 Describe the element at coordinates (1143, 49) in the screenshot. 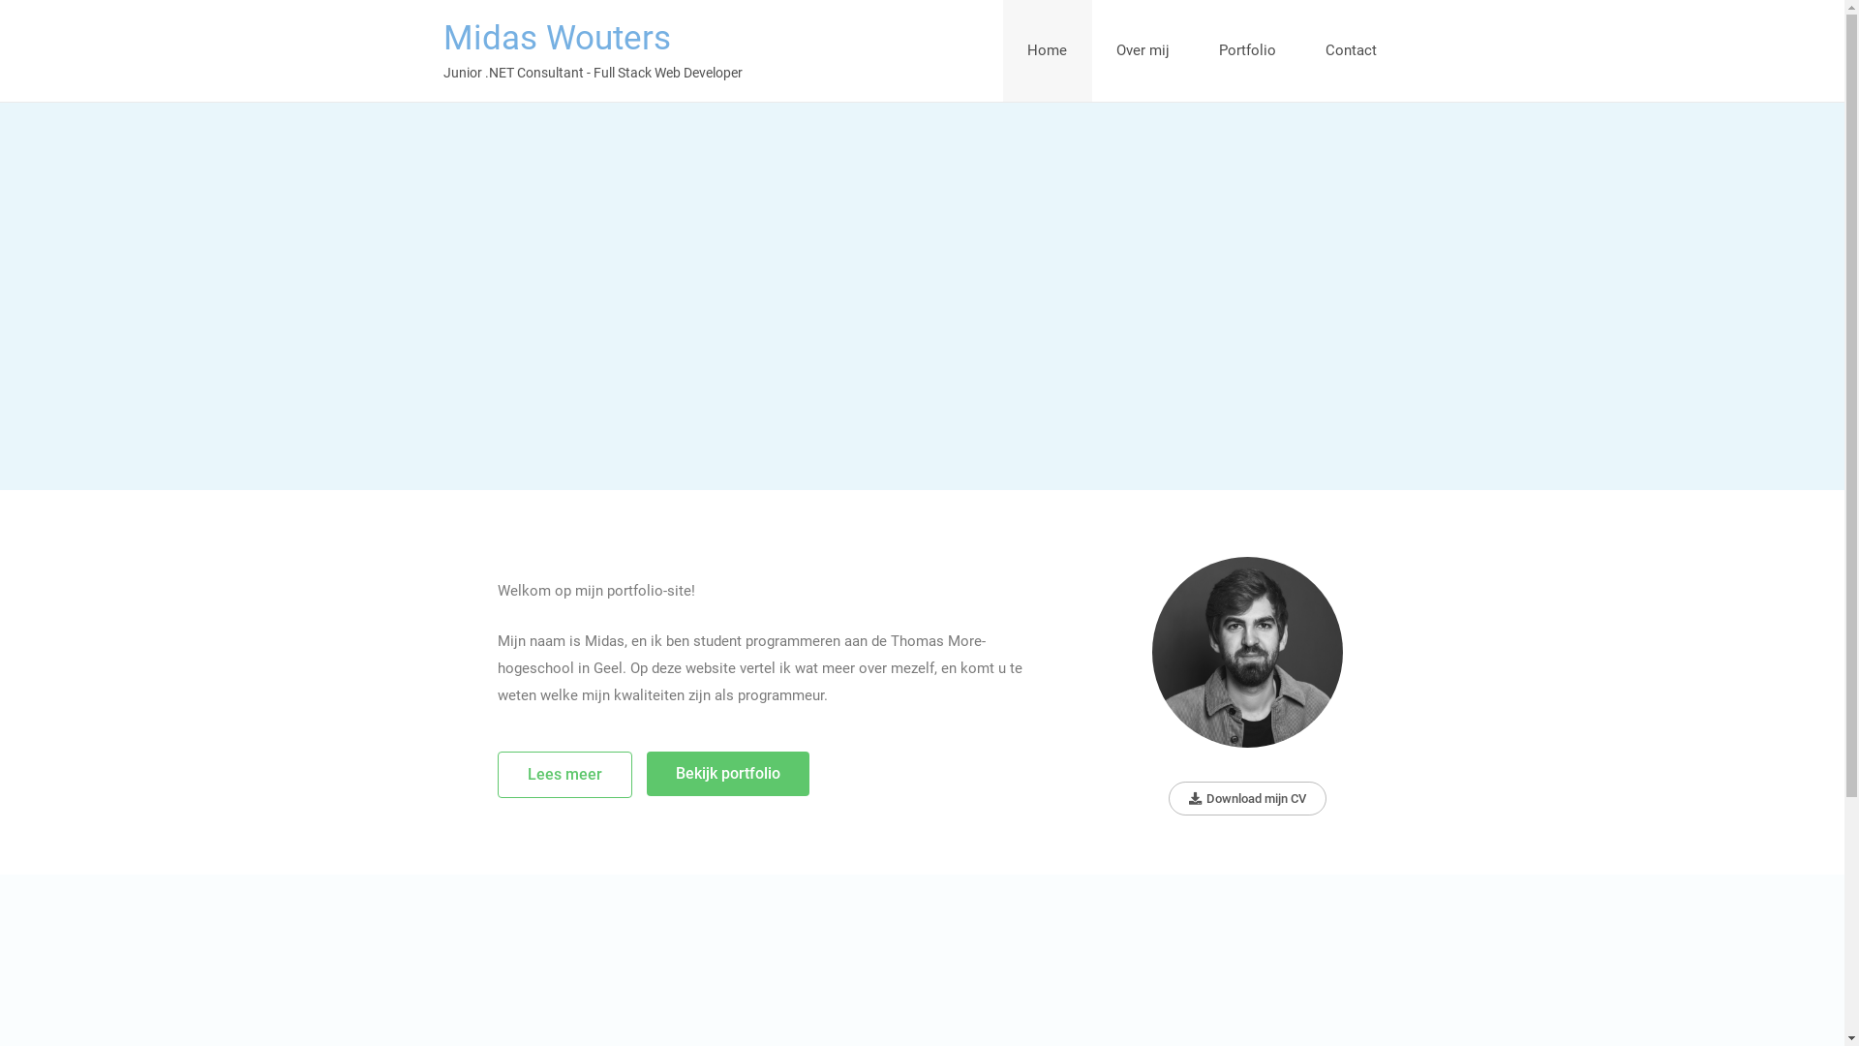

I see `'Over mij'` at that location.